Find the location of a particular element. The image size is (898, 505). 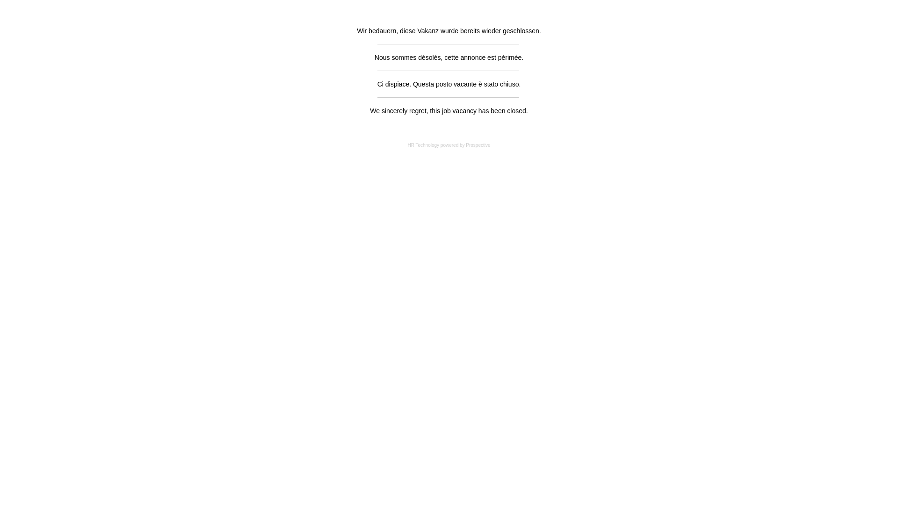

'HR Technology powered by Prospective' is located at coordinates (448, 145).